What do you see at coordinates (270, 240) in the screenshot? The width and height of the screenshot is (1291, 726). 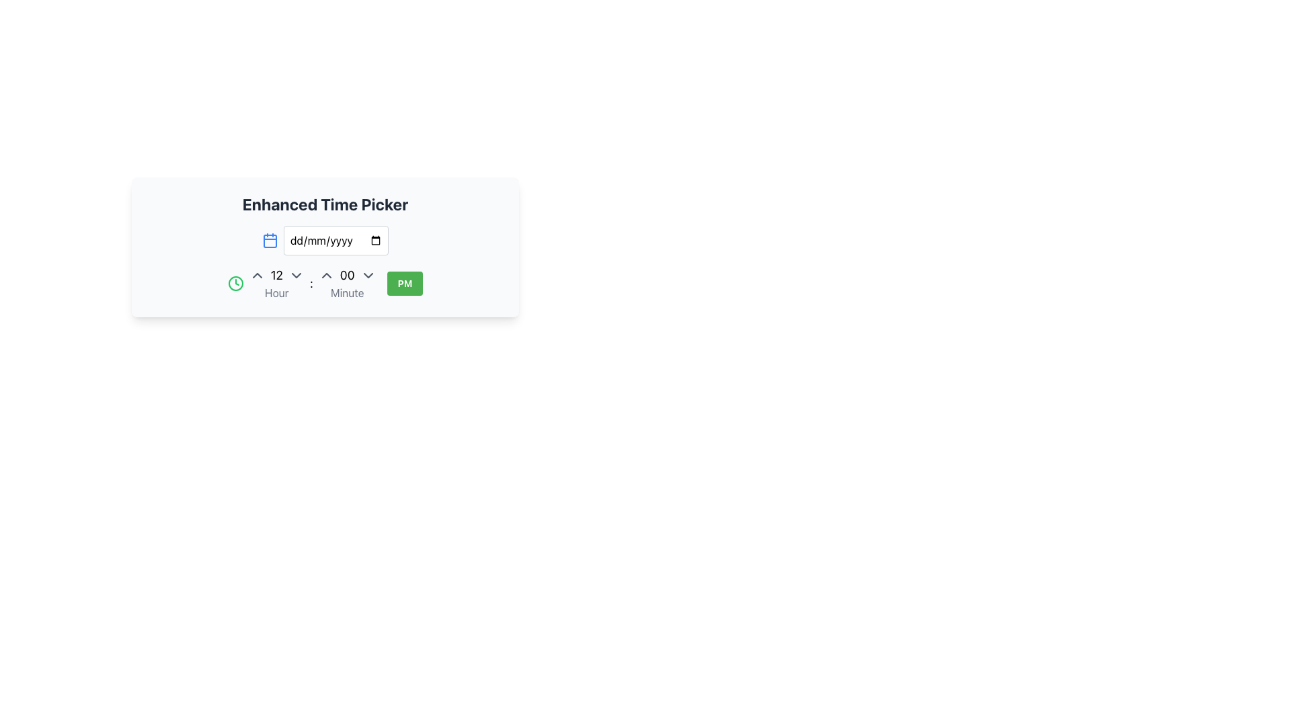 I see `the blue-colored calendar icon located immediately to the left of the text field labeled 'dd/mm/yyyy'` at bounding box center [270, 240].